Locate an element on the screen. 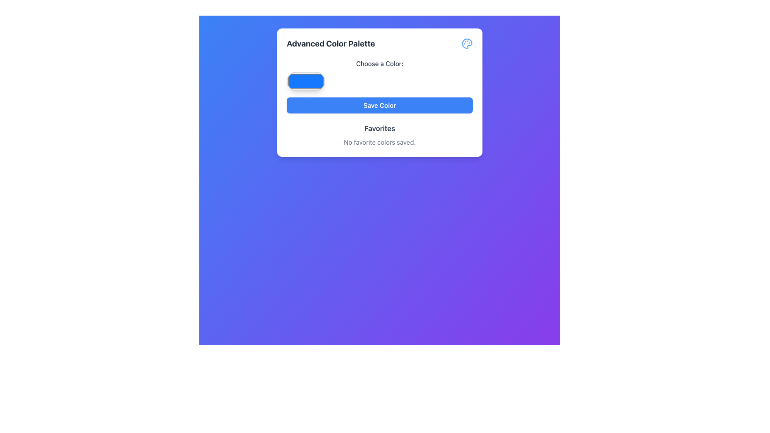 The width and height of the screenshot is (770, 433). the 'Save Color' button located in the middle section of the 'Advanced Color Palette' panel is located at coordinates (379, 105).